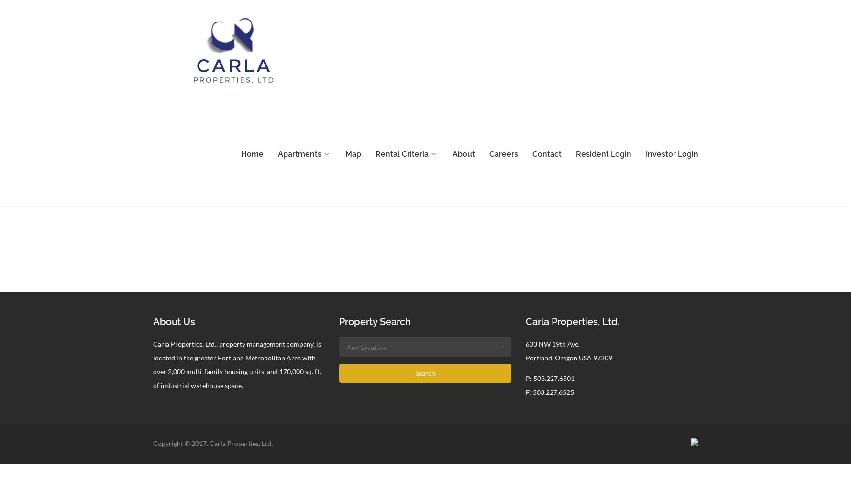 This screenshot has width=851, height=478. Describe the element at coordinates (572, 322) in the screenshot. I see `'Carla Properties, Ltd.'` at that location.